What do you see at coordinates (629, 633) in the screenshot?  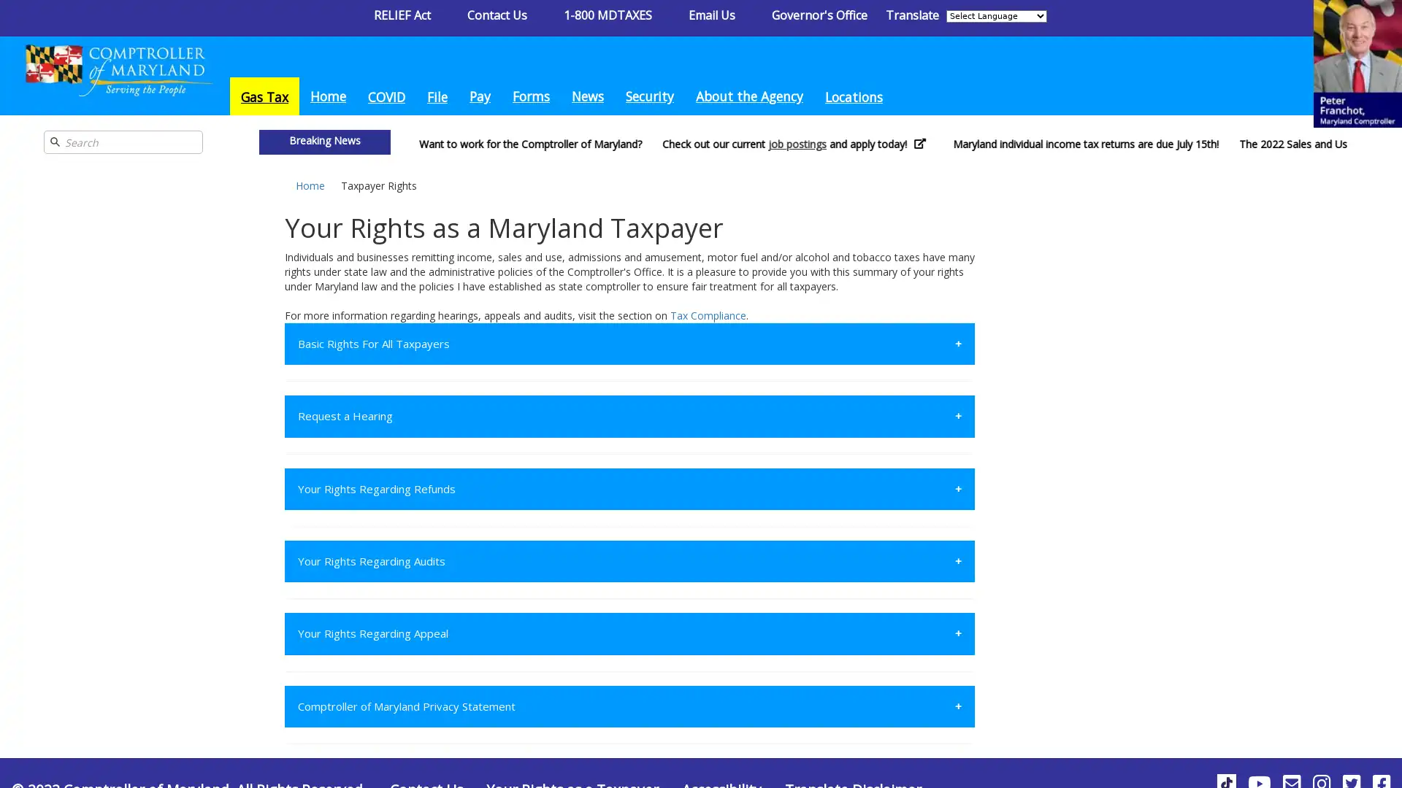 I see `Your Rights Regarding Appeal +` at bounding box center [629, 633].